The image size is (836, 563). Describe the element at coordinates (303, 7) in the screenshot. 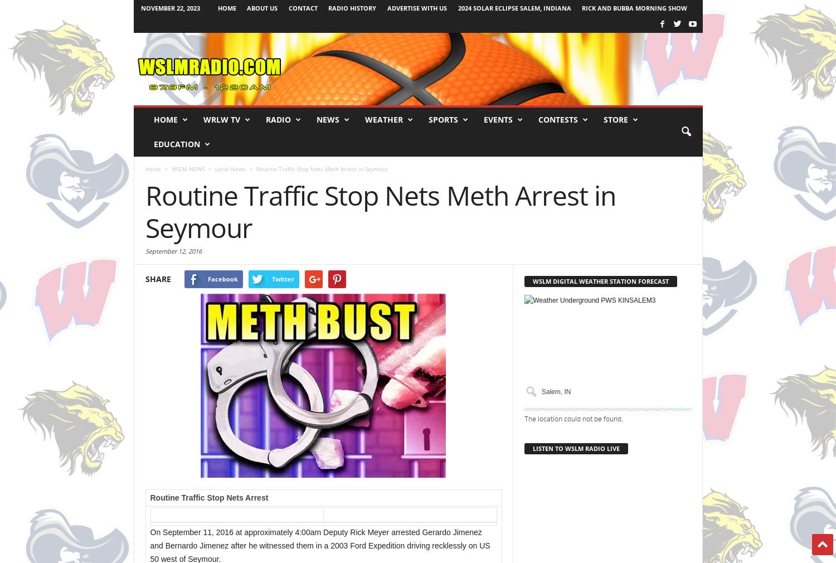

I see `'Contact'` at that location.